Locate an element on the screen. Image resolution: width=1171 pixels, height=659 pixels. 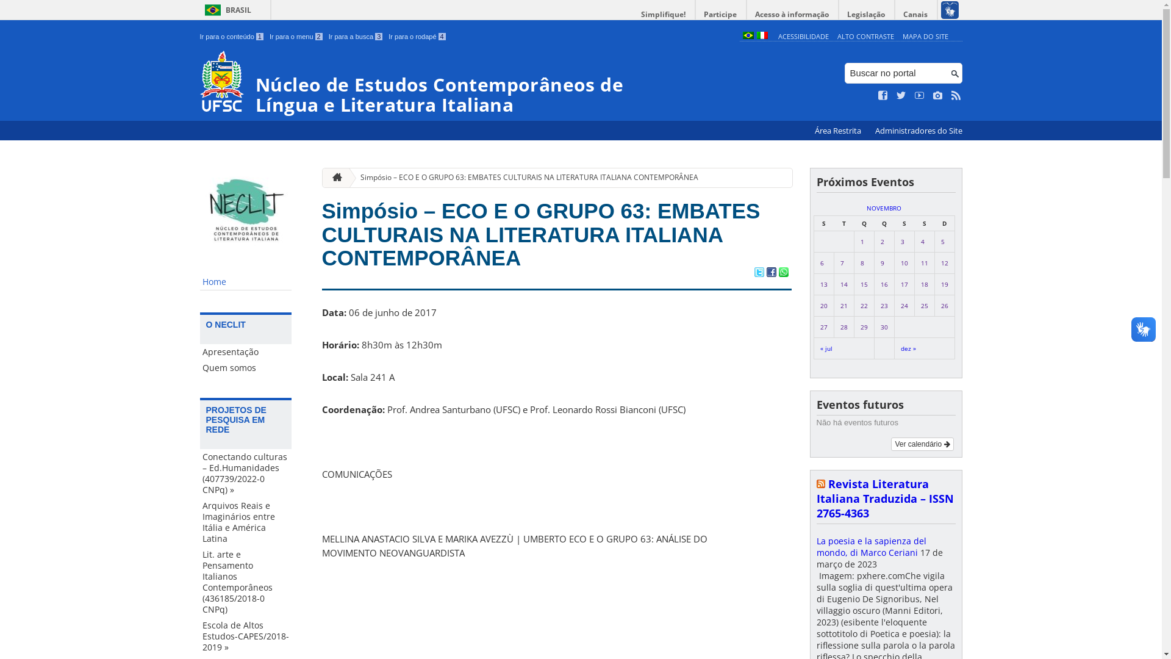
'Italiano (it)' is located at coordinates (761, 35).